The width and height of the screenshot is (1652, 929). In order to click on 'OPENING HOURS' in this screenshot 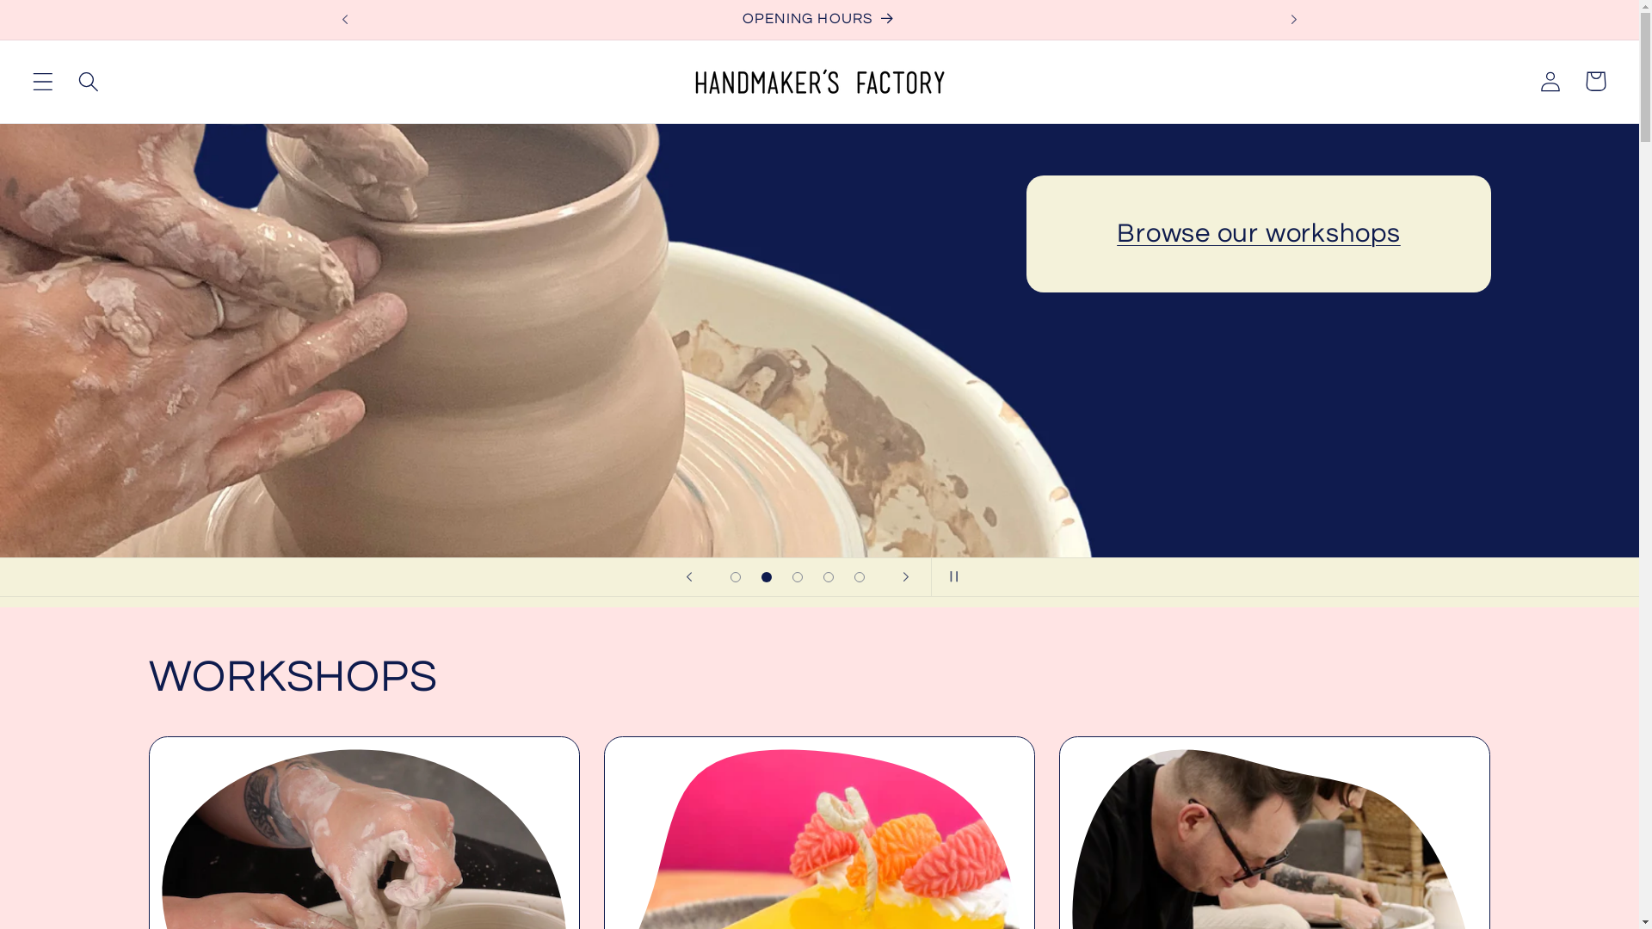, I will do `click(362, 20)`.